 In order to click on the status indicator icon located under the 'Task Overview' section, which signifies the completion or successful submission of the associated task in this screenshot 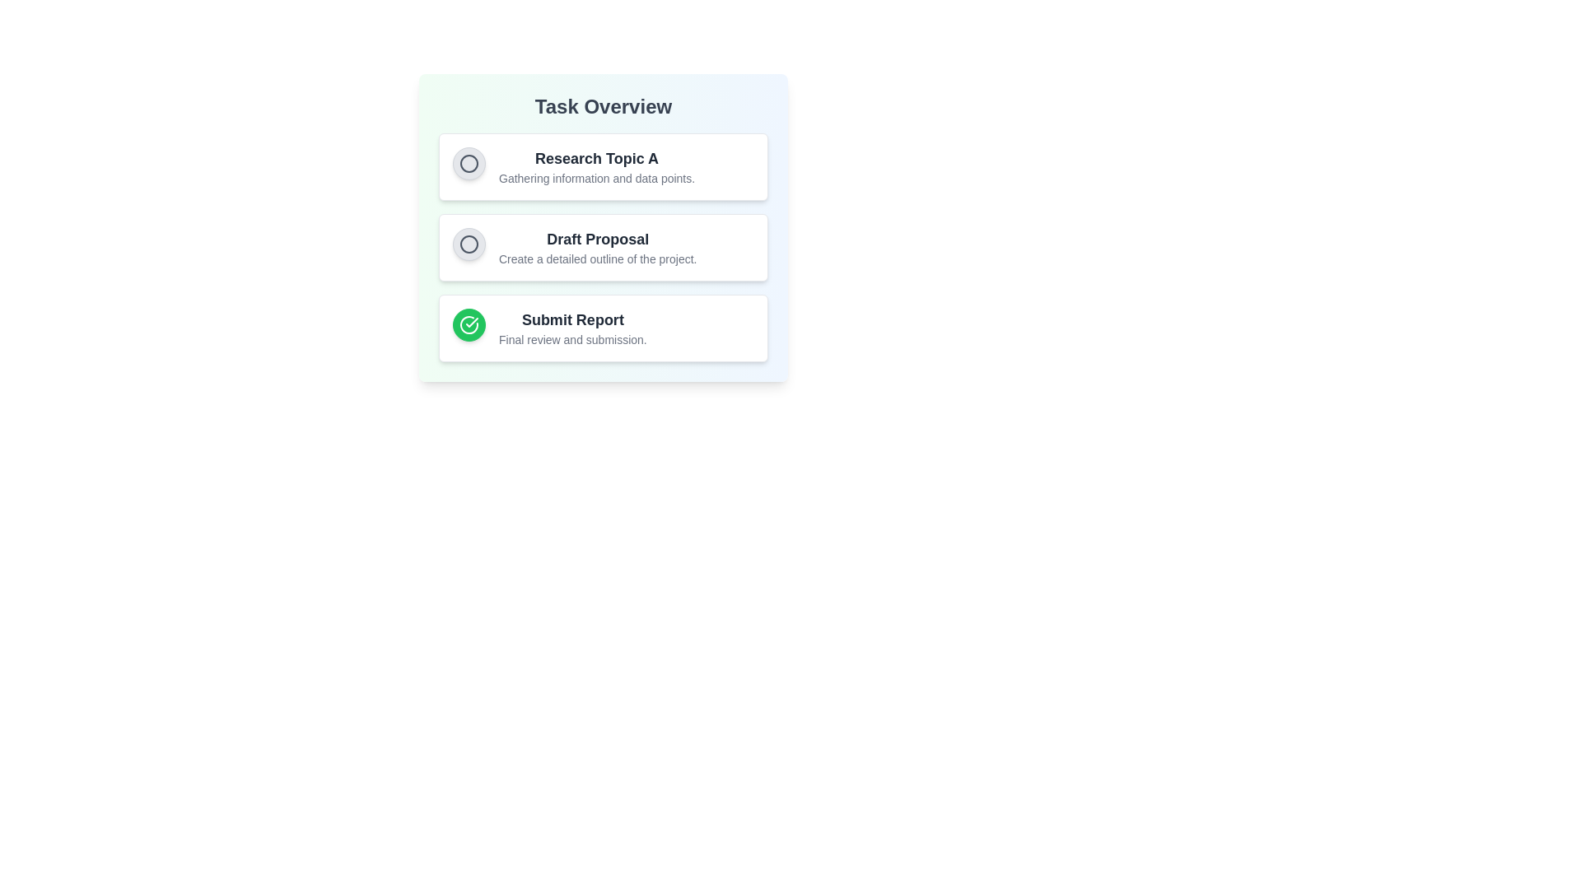, I will do `click(469, 324)`.